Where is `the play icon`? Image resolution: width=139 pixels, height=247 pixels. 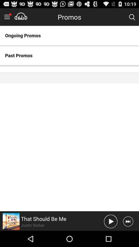 the play icon is located at coordinates (110, 237).